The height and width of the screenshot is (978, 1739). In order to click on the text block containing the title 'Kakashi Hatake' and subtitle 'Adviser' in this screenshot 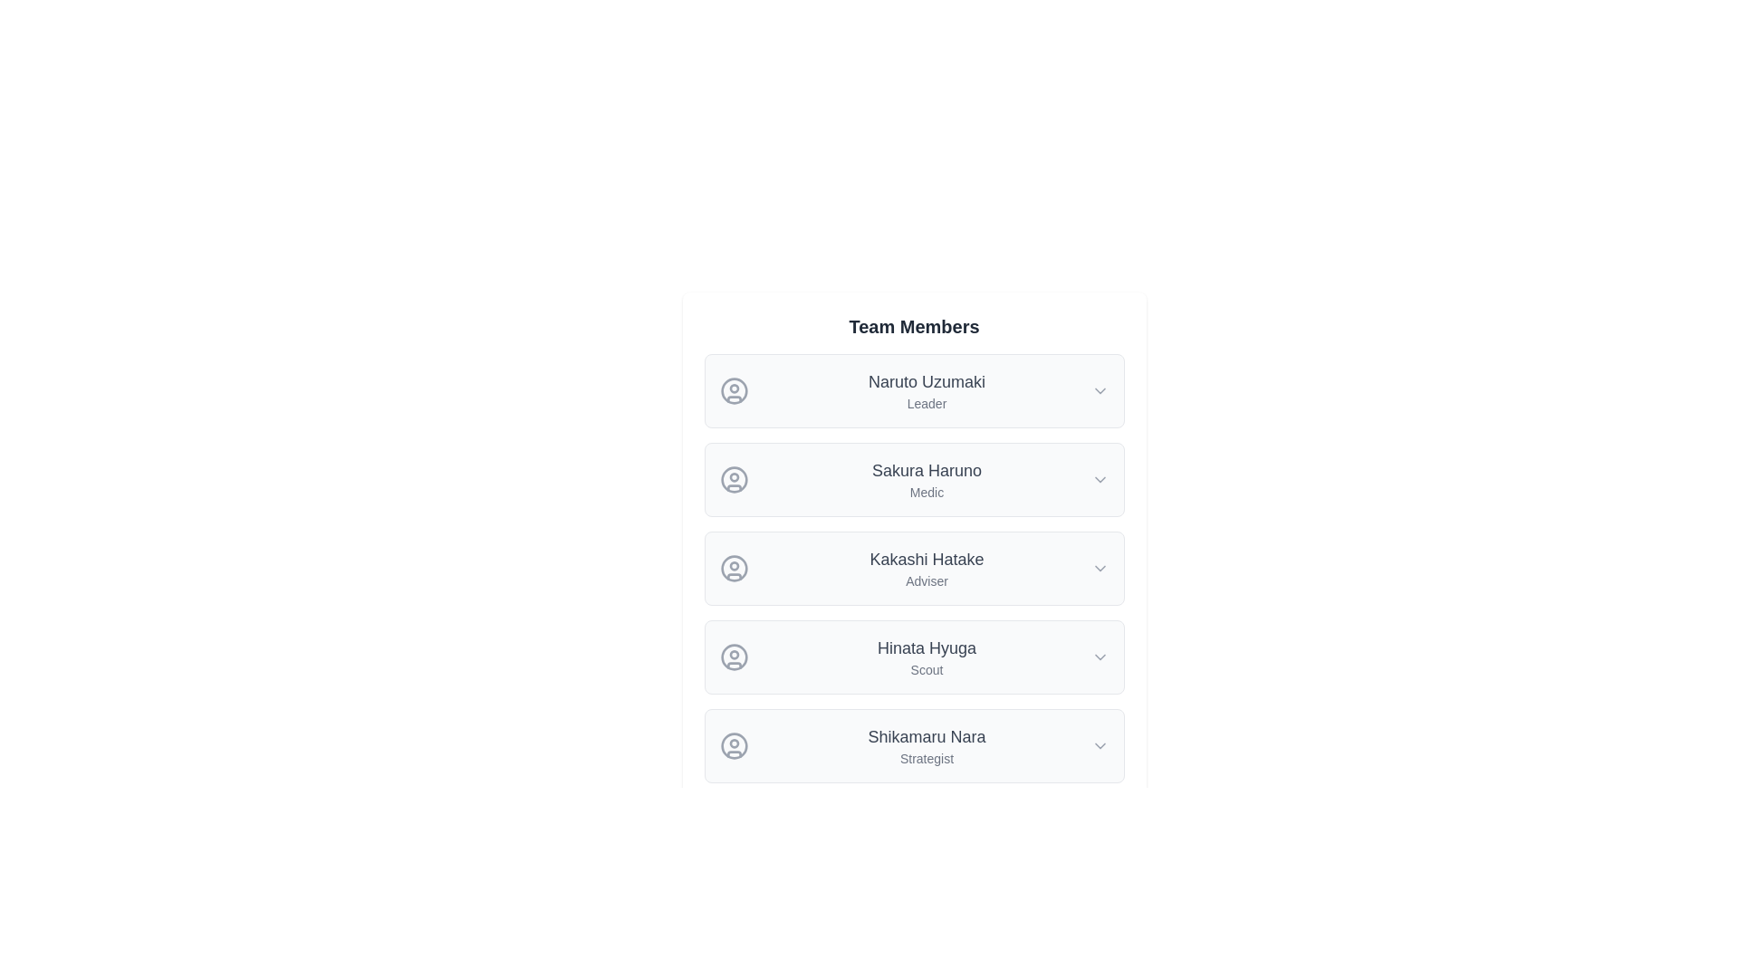, I will do `click(927, 568)`.